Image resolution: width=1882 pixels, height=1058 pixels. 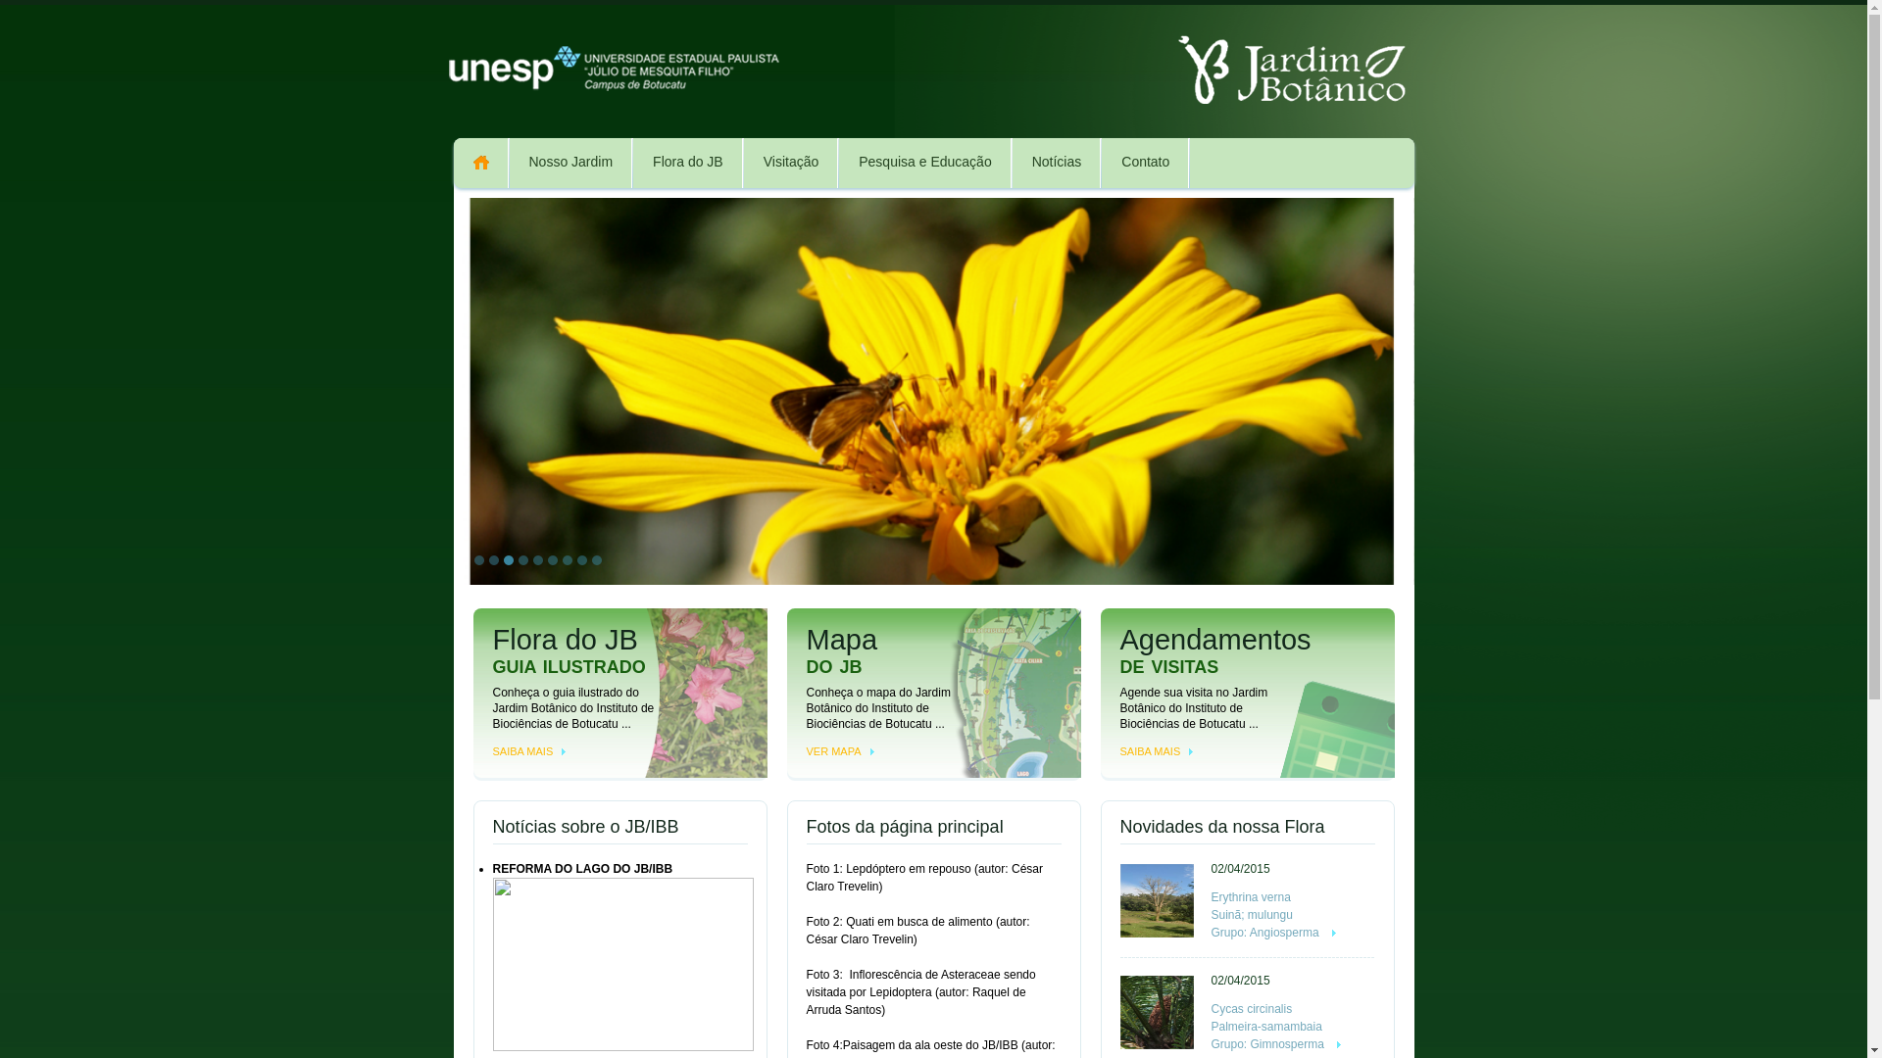 What do you see at coordinates (537, 559) in the screenshot?
I see `'5'` at bounding box center [537, 559].